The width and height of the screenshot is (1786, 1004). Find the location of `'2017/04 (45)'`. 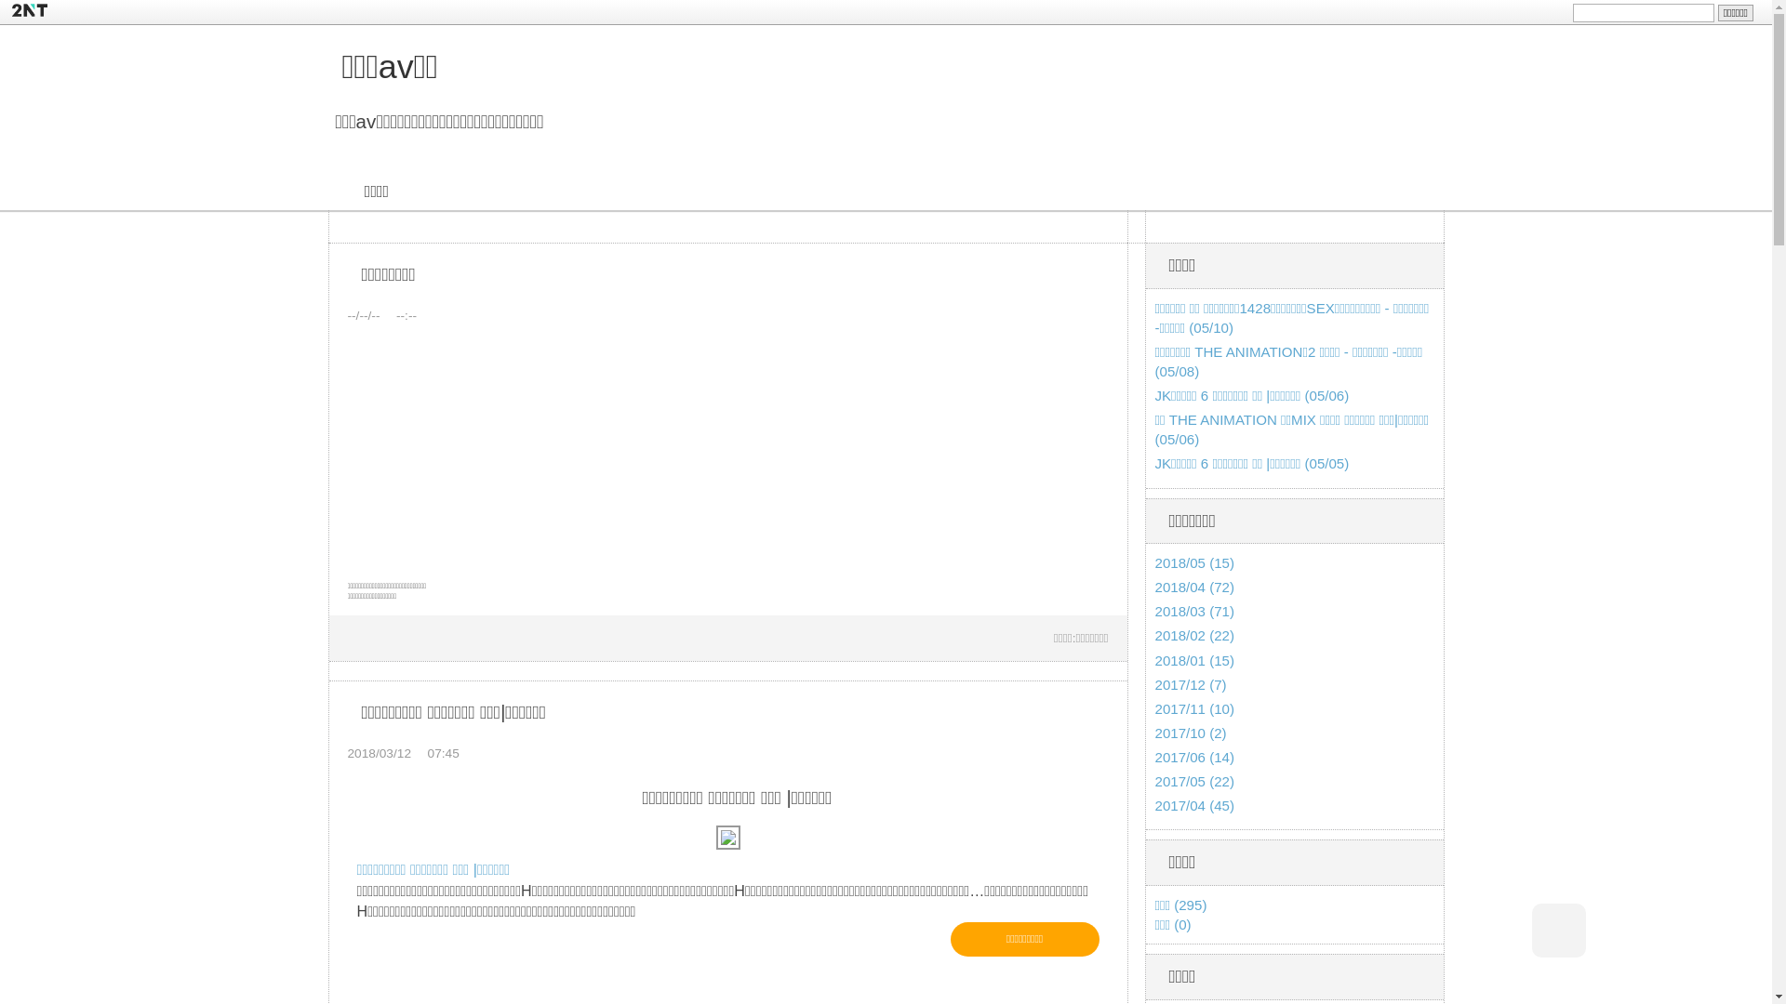

'2017/04 (45)' is located at coordinates (1195, 804).